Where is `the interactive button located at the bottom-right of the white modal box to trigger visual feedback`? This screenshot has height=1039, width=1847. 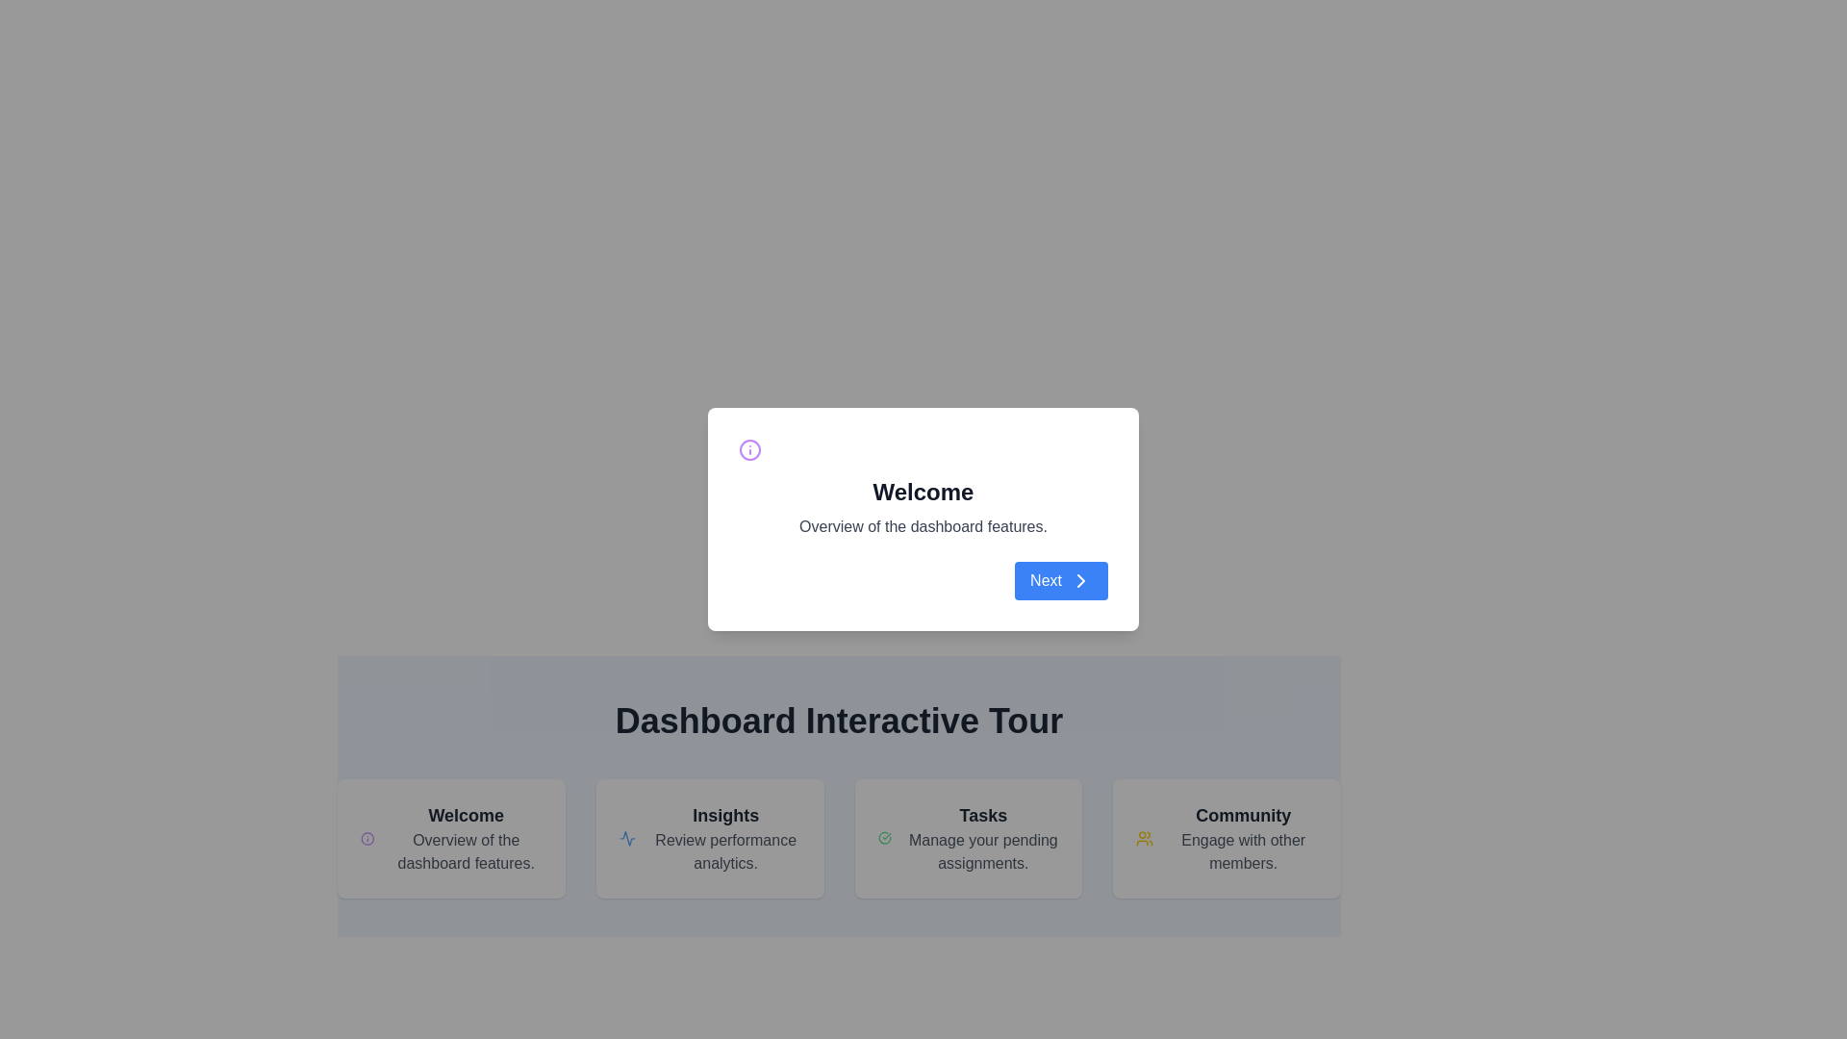 the interactive button located at the bottom-right of the white modal box to trigger visual feedback is located at coordinates (1060, 580).